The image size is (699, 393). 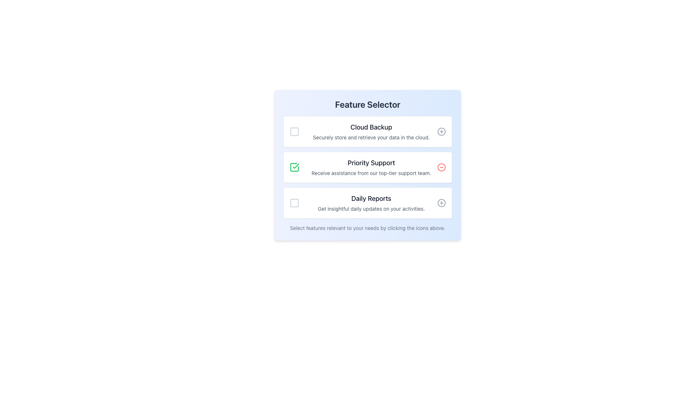 I want to click on the red circular button with a horizontal line symbolizing a subtract action, located to the right of the 'Priority Support' heading, so click(x=441, y=167).